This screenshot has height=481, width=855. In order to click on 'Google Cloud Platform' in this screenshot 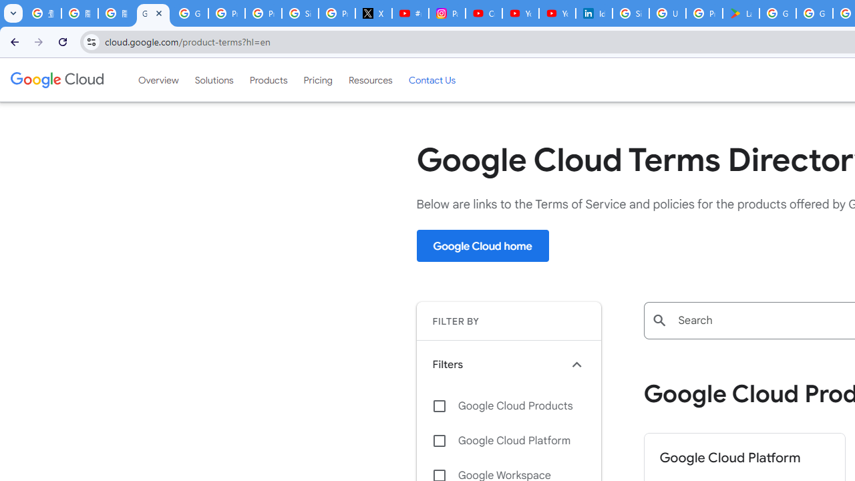, I will do `click(508, 441)`.